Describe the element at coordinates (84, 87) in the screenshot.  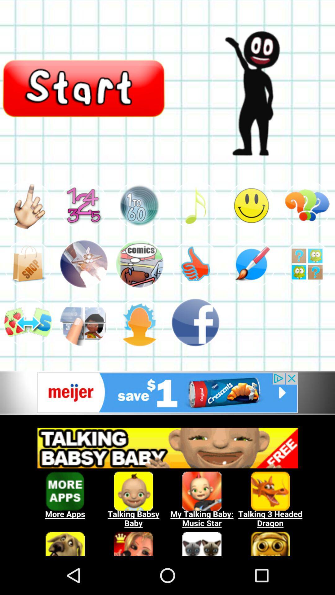
I see `start` at that location.